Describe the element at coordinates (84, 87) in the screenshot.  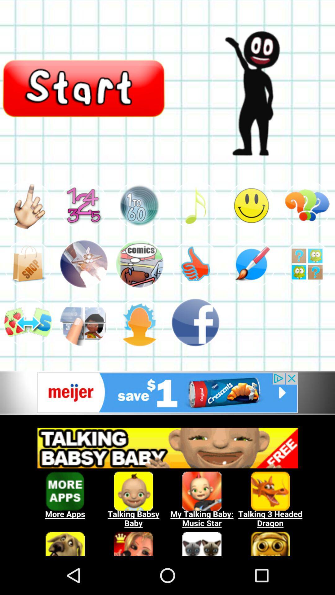
I see `start` at that location.